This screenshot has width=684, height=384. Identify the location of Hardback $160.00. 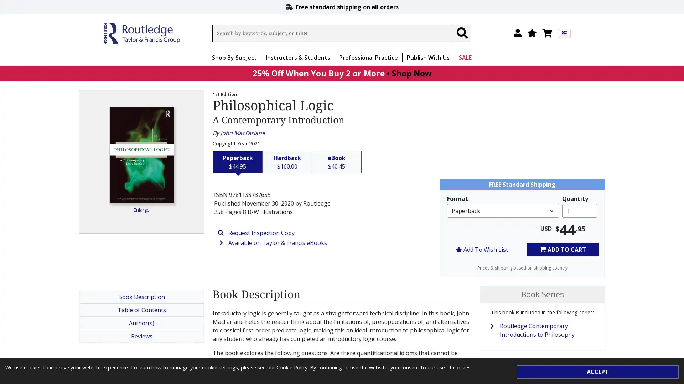
(287, 162).